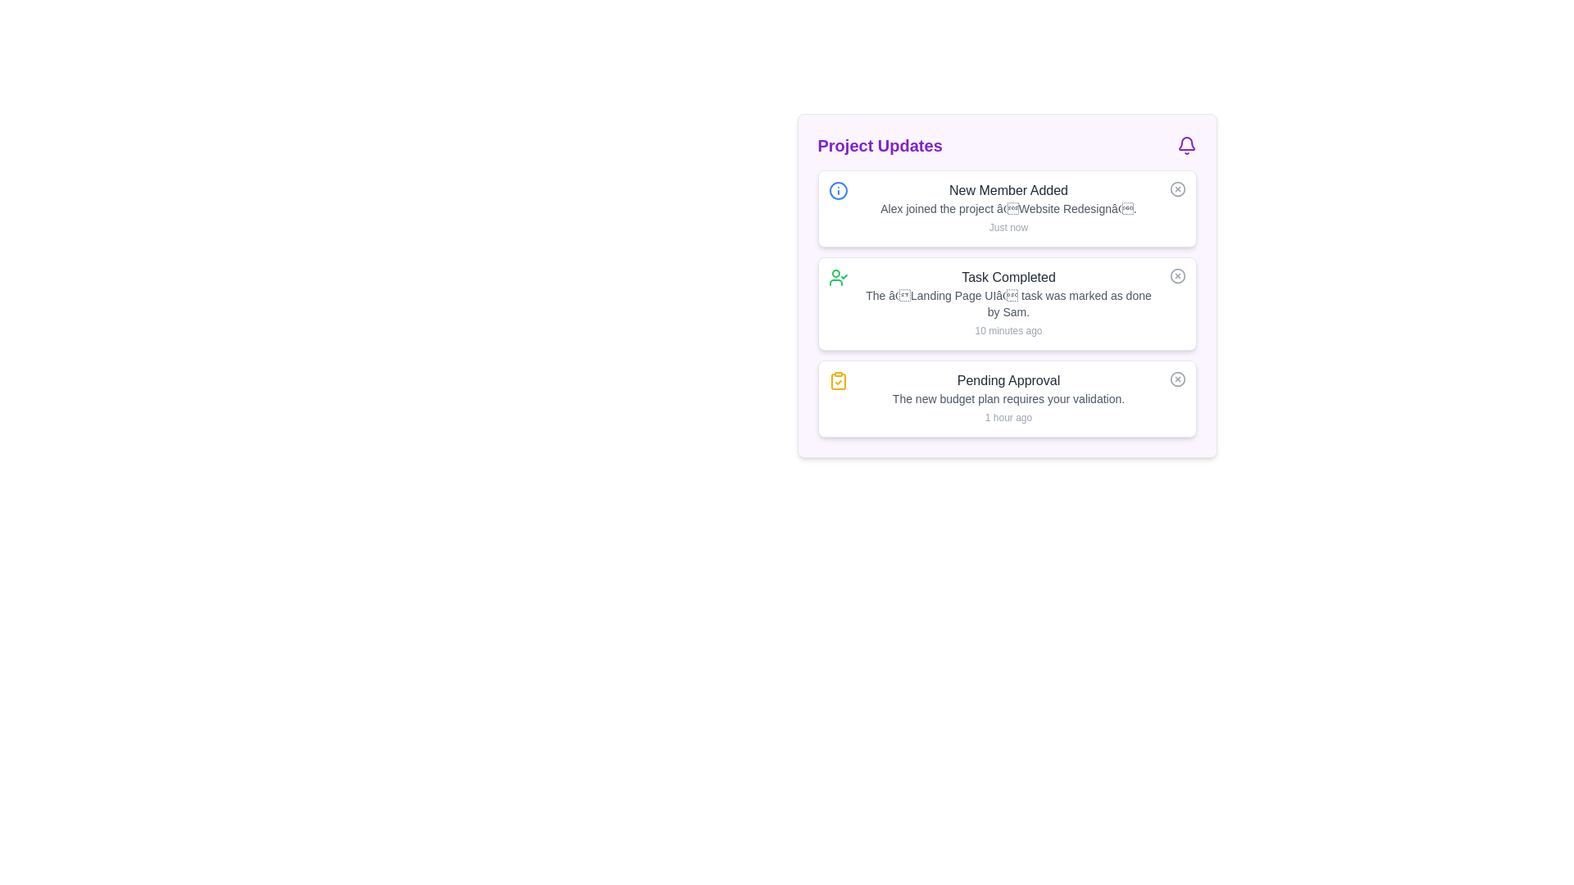 The width and height of the screenshot is (1574, 885). Describe the element at coordinates (1008, 303) in the screenshot. I see `the text element stating 'The “Landing Page UI” task was marked as done by Sam.', which is styled in gray and located below the header 'Task Completed'` at that location.